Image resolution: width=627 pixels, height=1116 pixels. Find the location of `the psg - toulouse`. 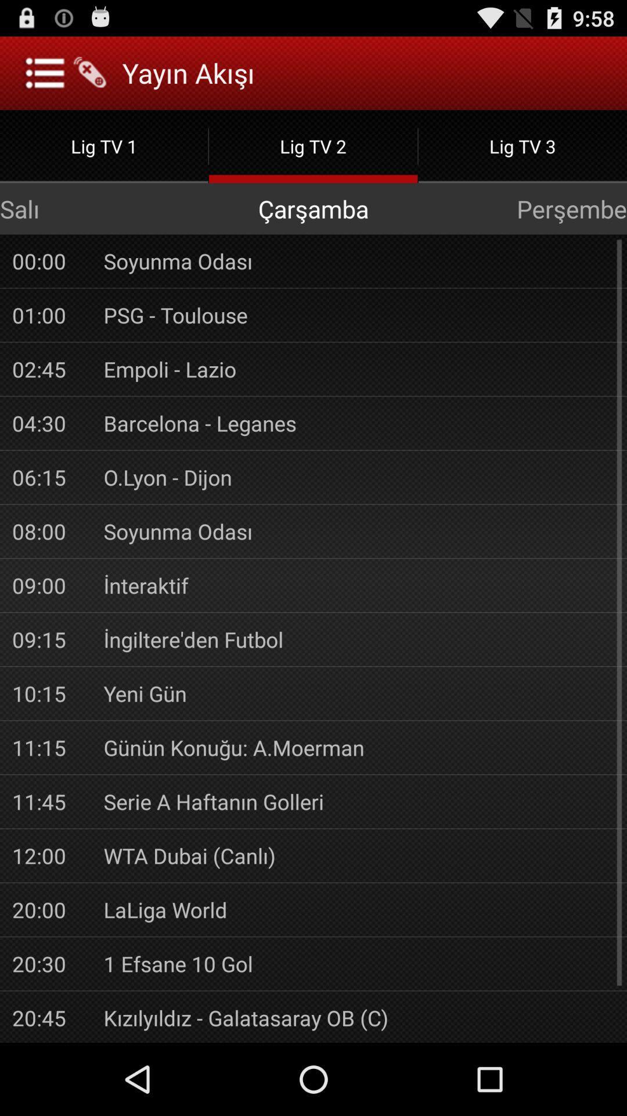

the psg - toulouse is located at coordinates (358, 315).